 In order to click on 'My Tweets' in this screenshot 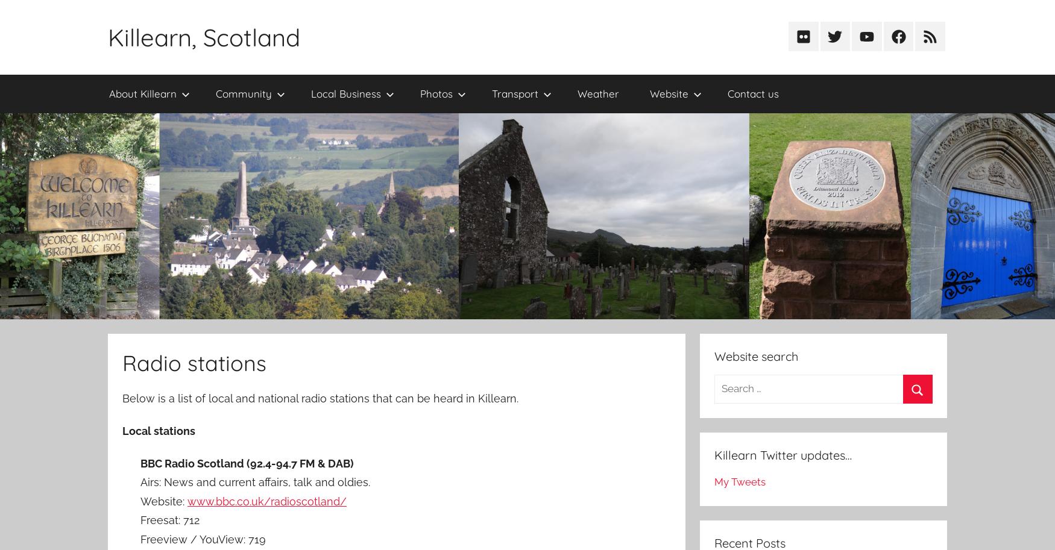, I will do `click(739, 481)`.